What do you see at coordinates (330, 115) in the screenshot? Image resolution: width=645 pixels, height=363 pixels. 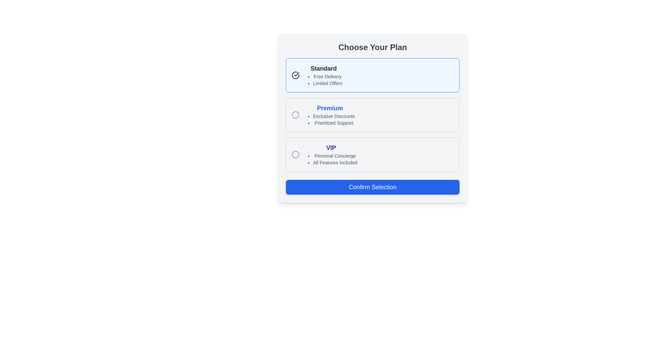 I see `'Premium' subscription tier element, which features a bold blue title and two bullet points about discounts and support, located in the middle of a vertically aligned list of plans` at bounding box center [330, 115].